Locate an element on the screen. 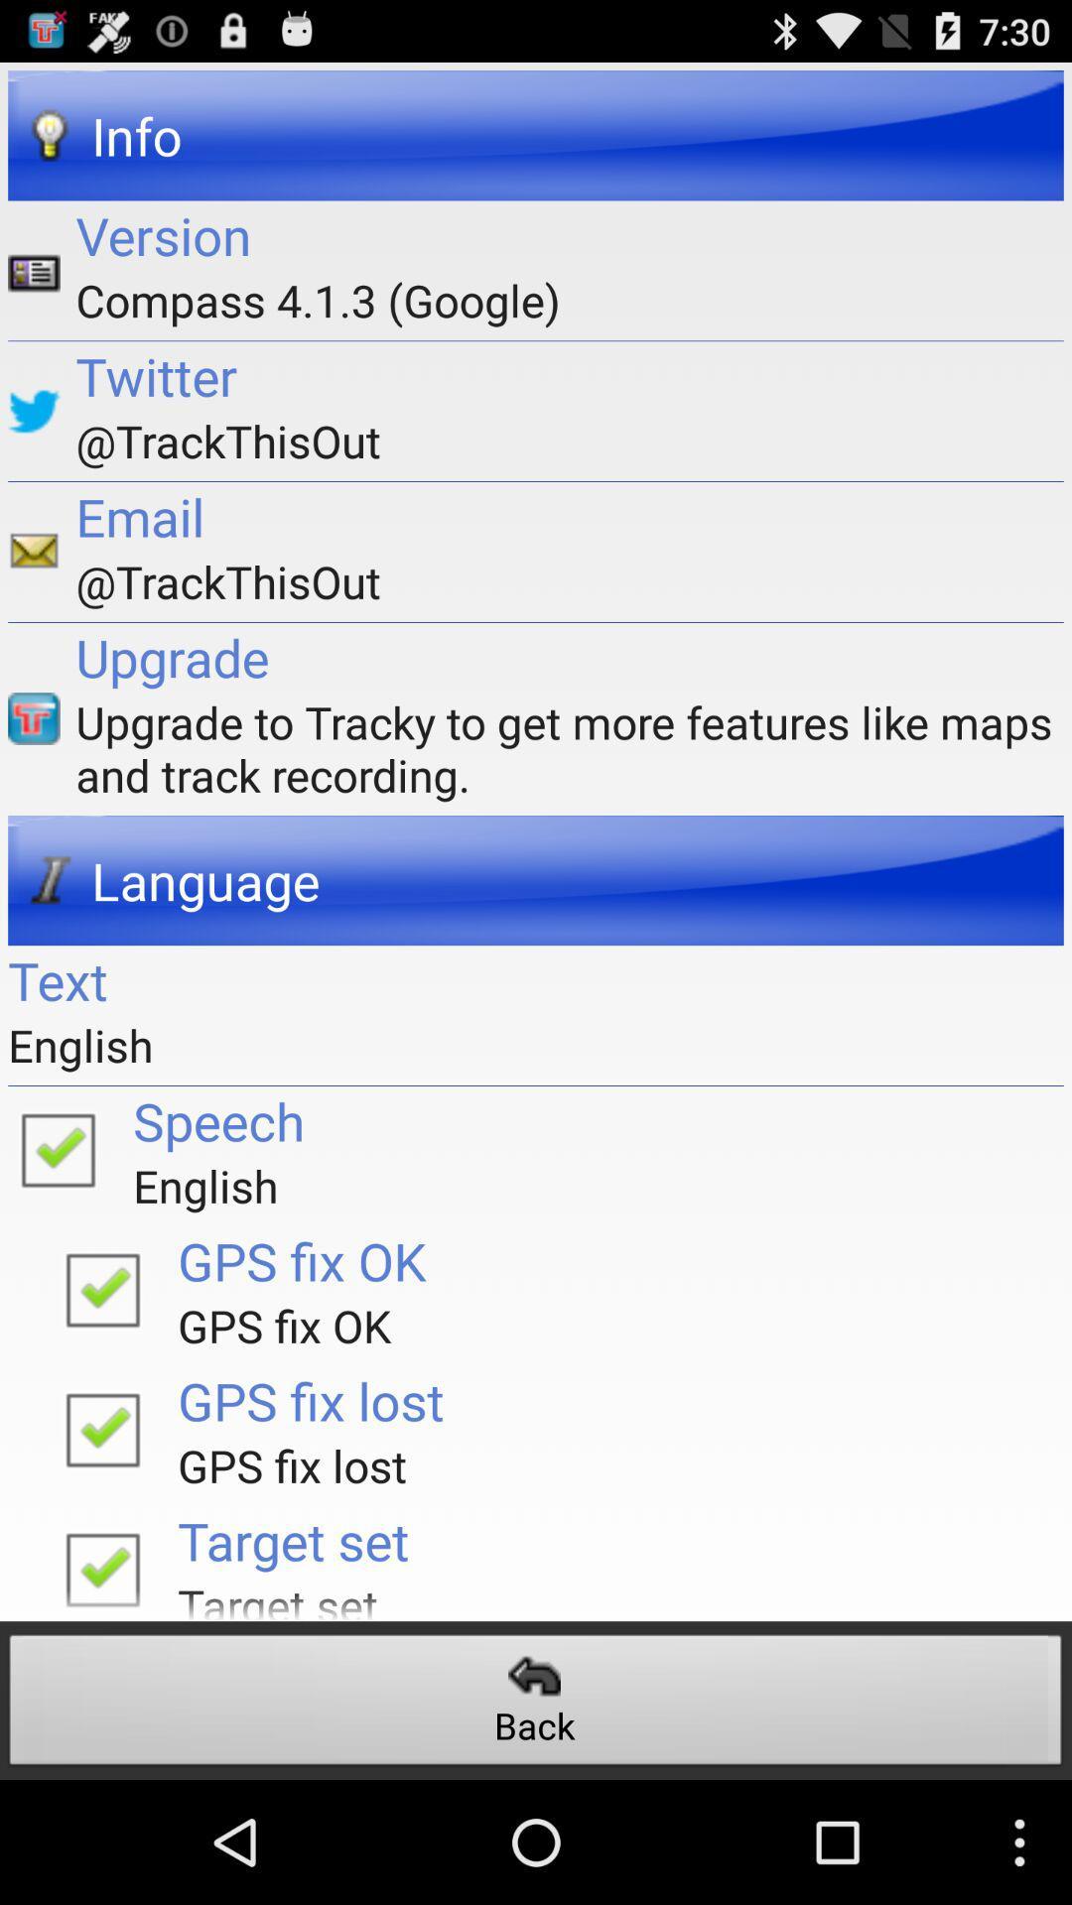 The width and height of the screenshot is (1072, 1905). the icon at the bottom is located at coordinates (536, 1705).